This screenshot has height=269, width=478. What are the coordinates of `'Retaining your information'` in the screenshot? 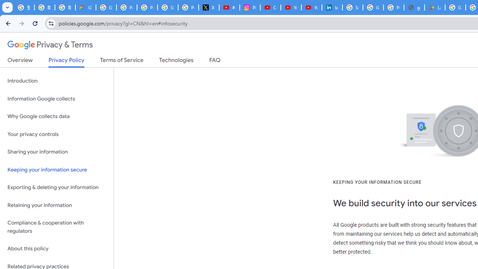 It's located at (56, 205).